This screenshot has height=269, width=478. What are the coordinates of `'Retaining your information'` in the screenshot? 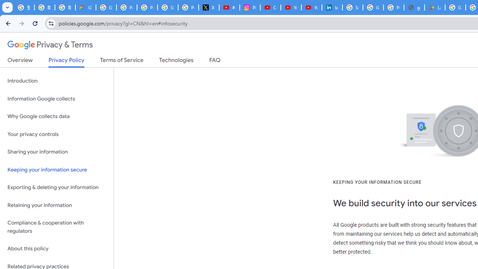 It's located at (56, 205).